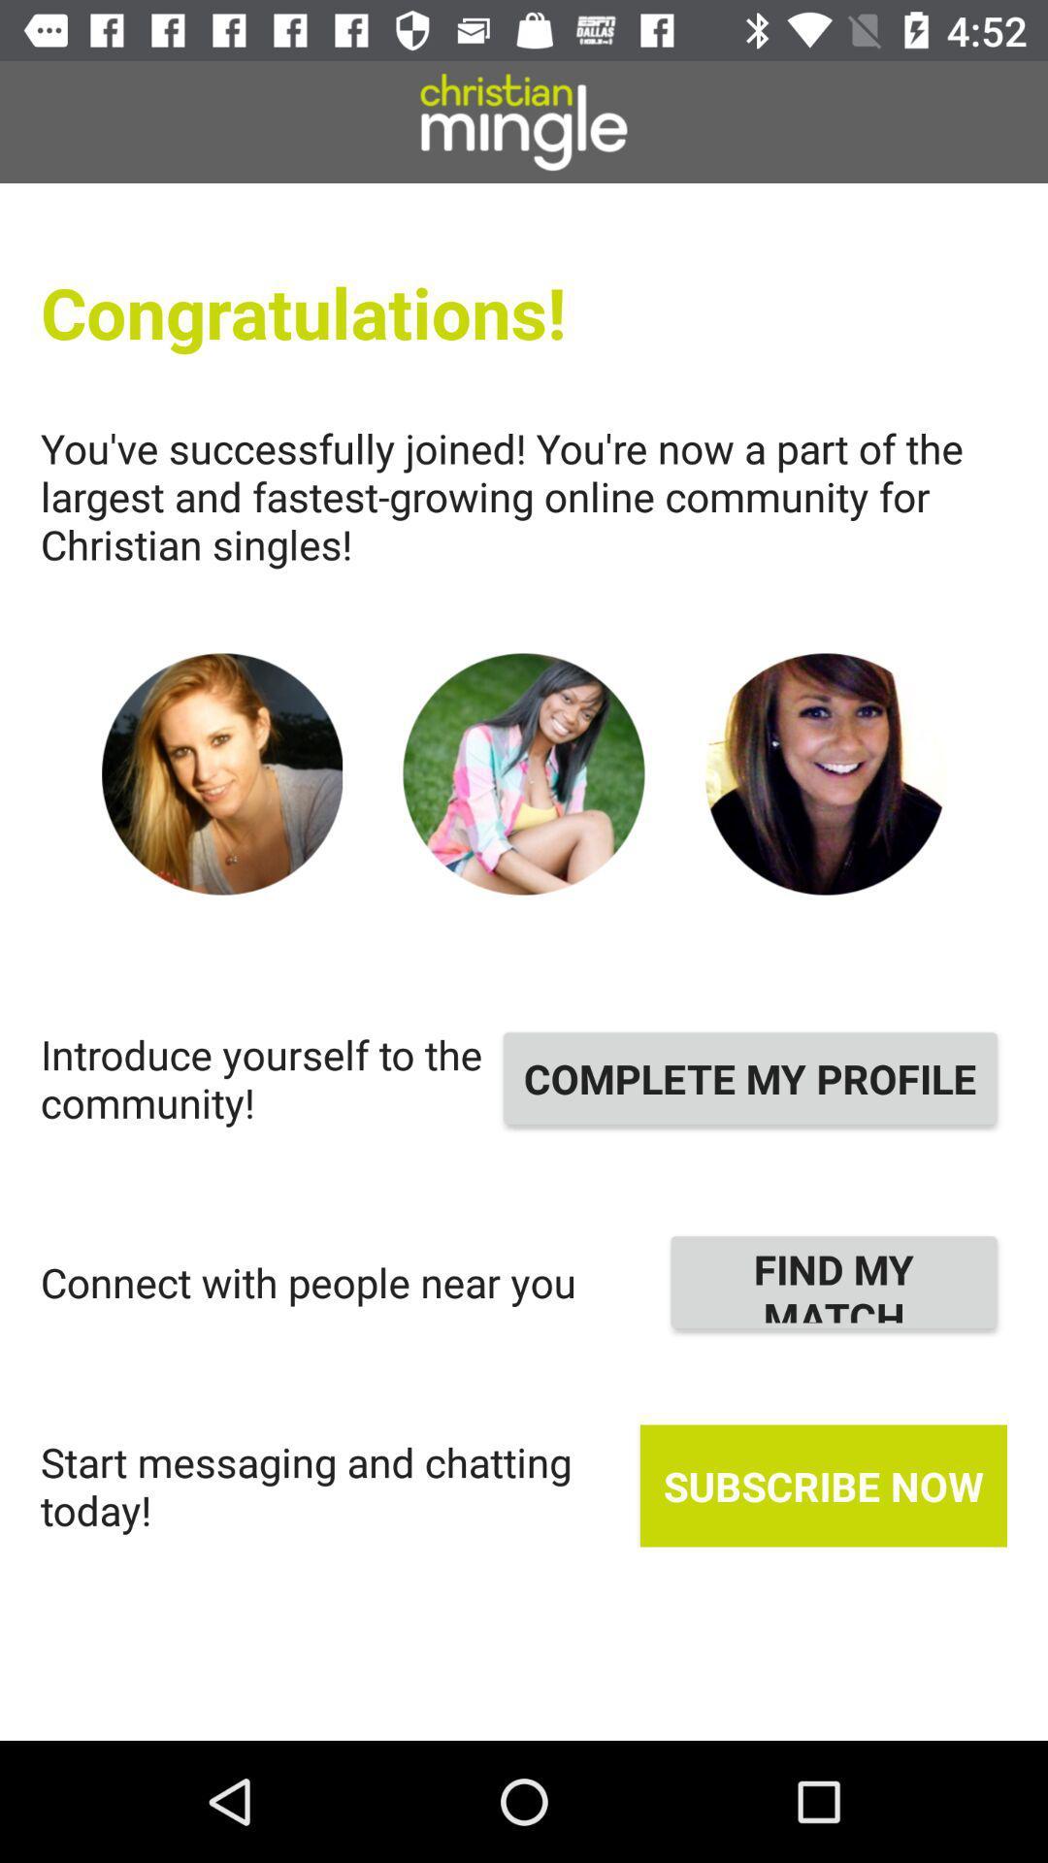 This screenshot has width=1048, height=1863. What do you see at coordinates (823, 1485) in the screenshot?
I see `subscribe now` at bounding box center [823, 1485].